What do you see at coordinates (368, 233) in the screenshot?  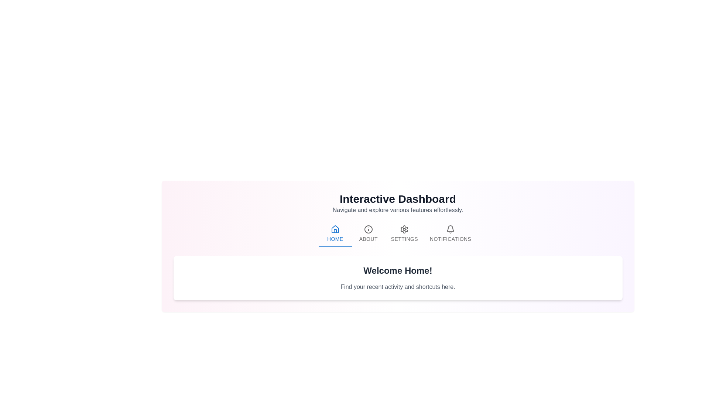 I see `the 'About' tab in the navigation bar, which features an information icon and bold text` at bounding box center [368, 233].